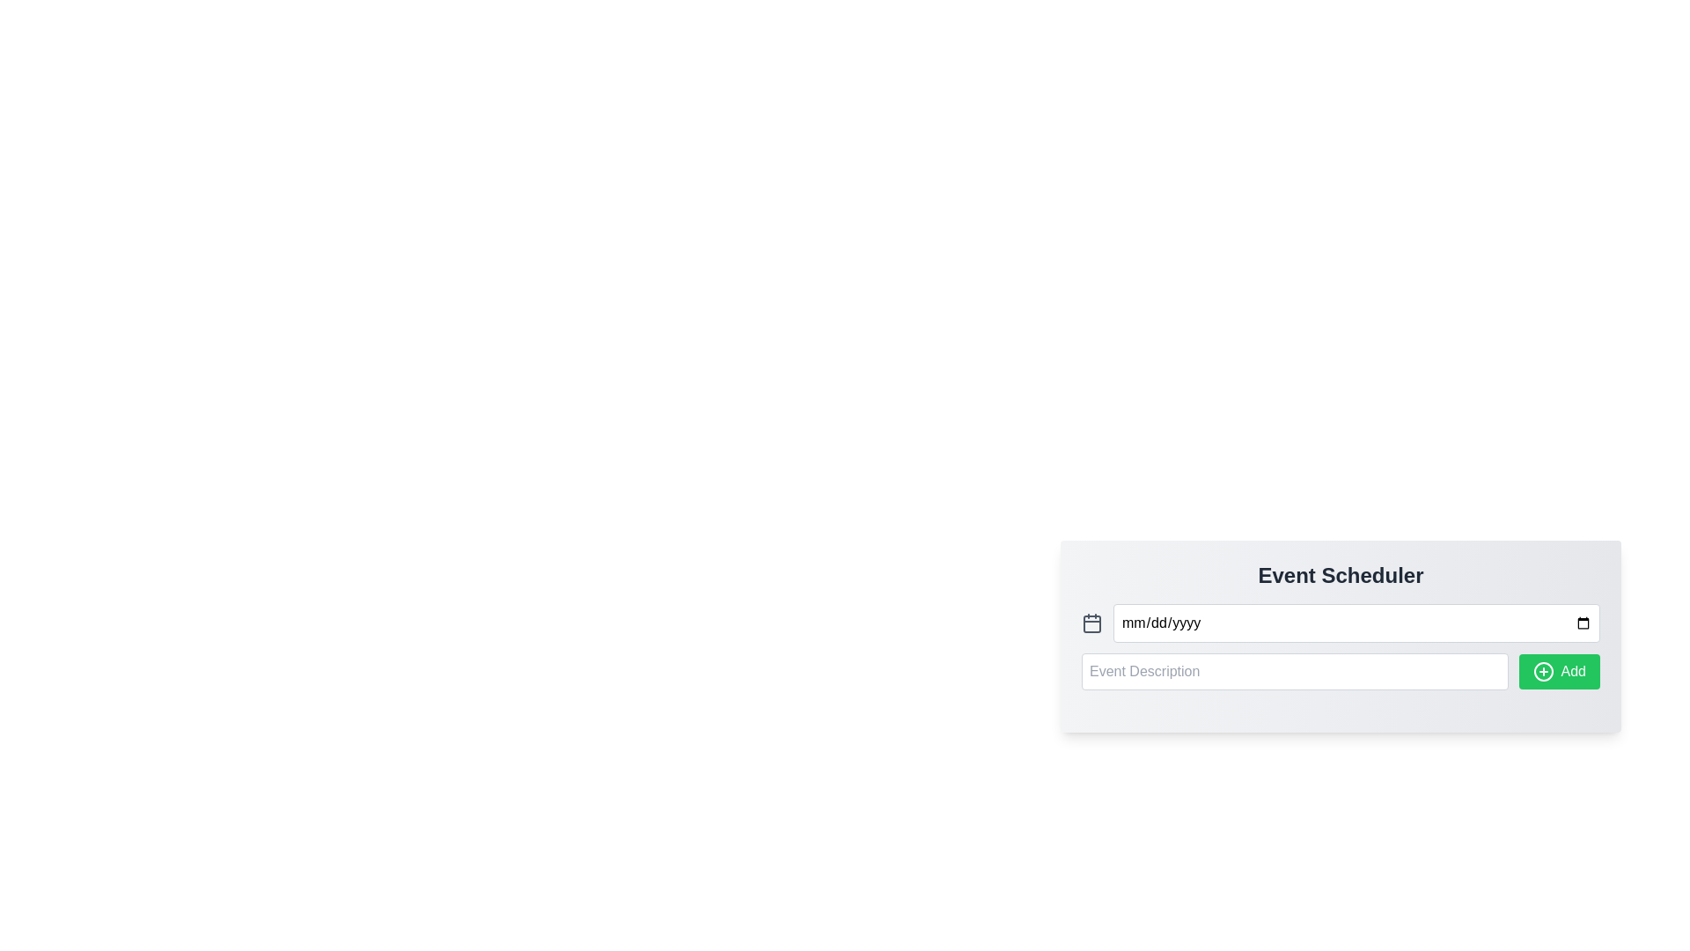 This screenshot has height=951, width=1690. Describe the element at coordinates (1340, 576) in the screenshot. I see `text of the Text Header, which serves as a title indicating the purpose of the section related to scheduling events` at that location.